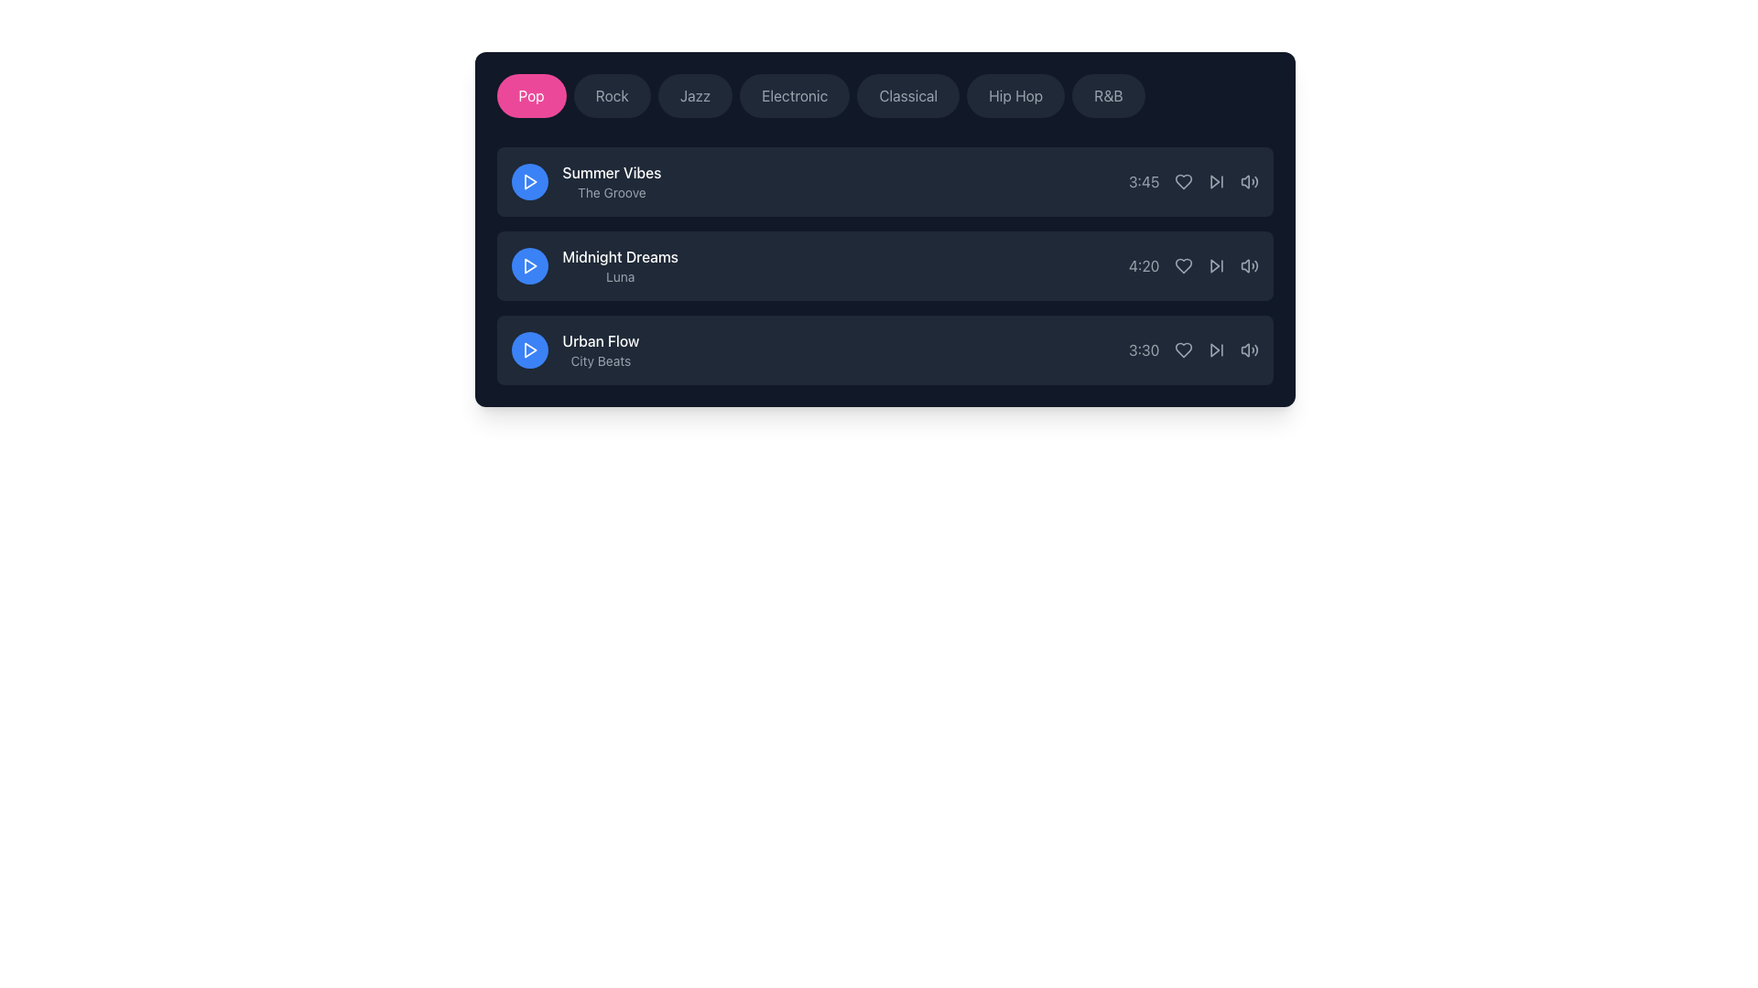  Describe the element at coordinates (1216, 182) in the screenshot. I see `the 'skip forward' icon button for navigation to change its color, which is positioned to the right of the '3:45' text and to the left of the volume icon` at that location.